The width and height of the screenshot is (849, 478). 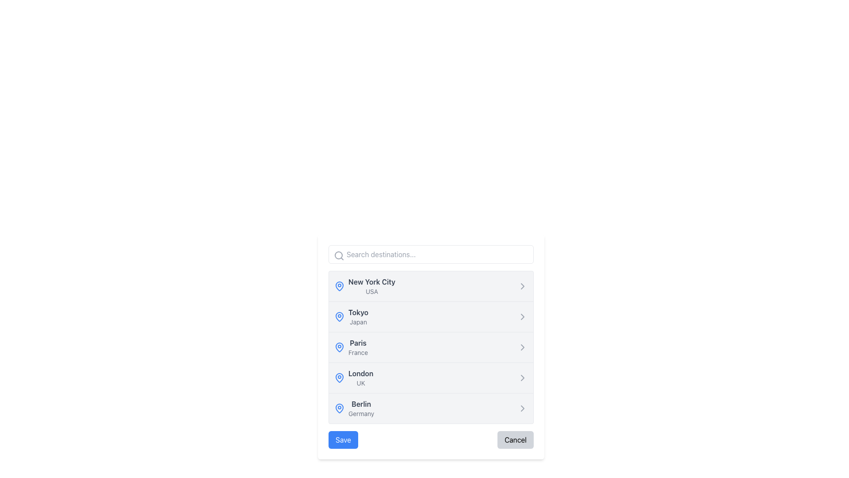 What do you see at coordinates (522, 408) in the screenshot?
I see `the right-oriented chevron icon in the fifth list item labeled 'Berlin, Germany'` at bounding box center [522, 408].